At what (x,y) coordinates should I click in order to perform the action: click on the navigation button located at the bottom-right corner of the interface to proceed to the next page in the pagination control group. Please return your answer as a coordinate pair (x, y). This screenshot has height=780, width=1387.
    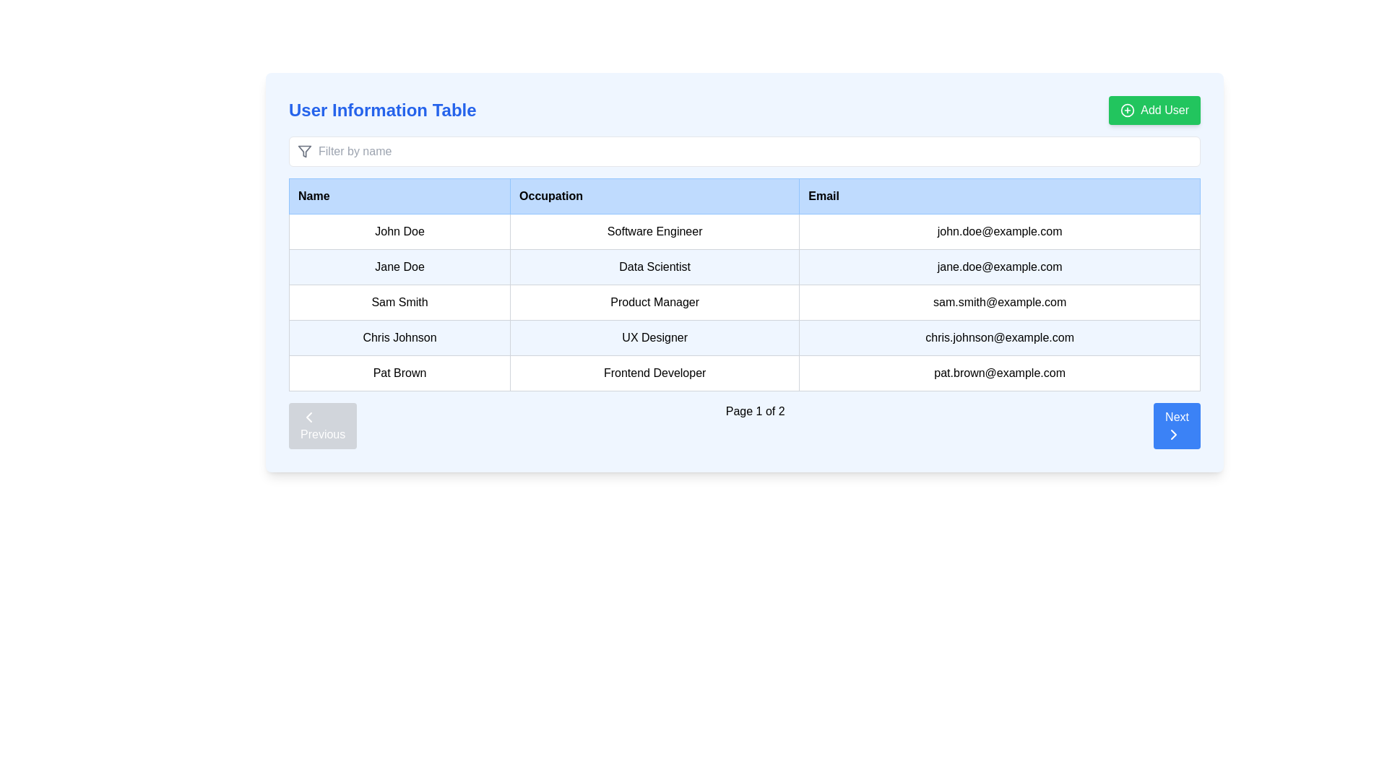
    Looking at the image, I should click on (1177, 425).